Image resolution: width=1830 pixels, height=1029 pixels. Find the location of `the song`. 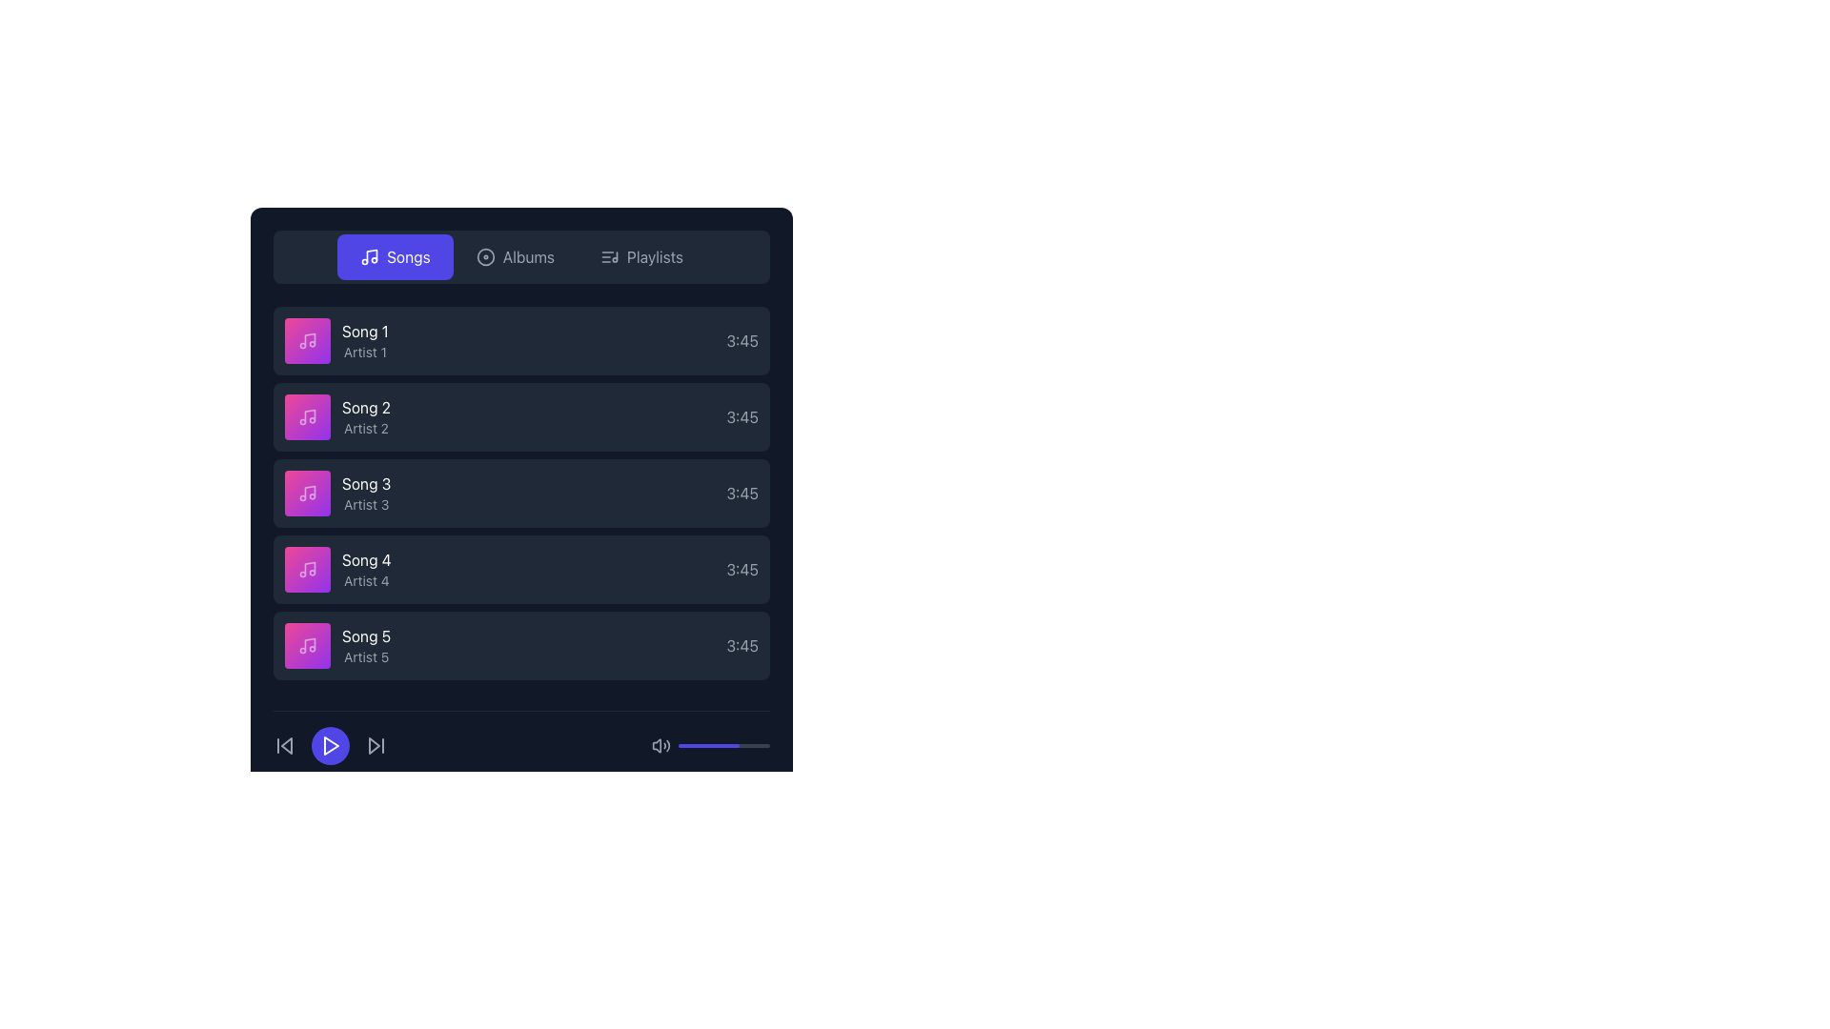

the song is located at coordinates (521, 492).